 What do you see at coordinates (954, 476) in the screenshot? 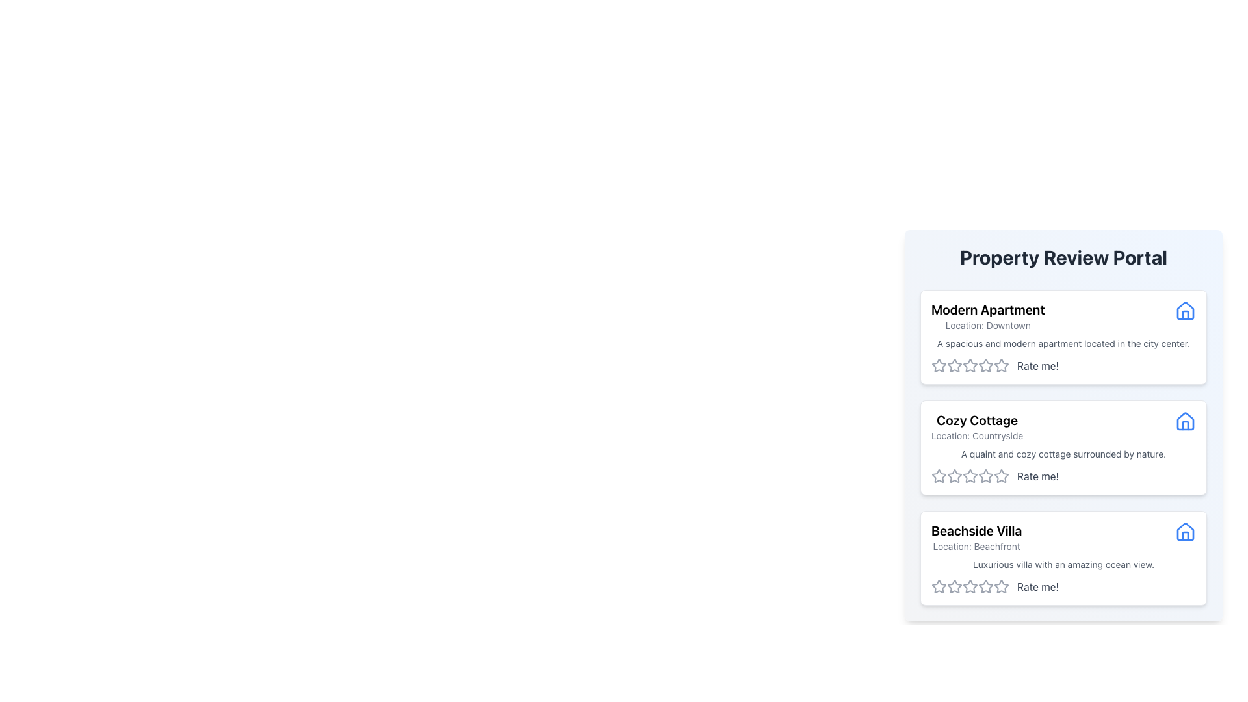
I see `the second star icon in the group of five stars for the 'Cozy Cottage' property` at bounding box center [954, 476].